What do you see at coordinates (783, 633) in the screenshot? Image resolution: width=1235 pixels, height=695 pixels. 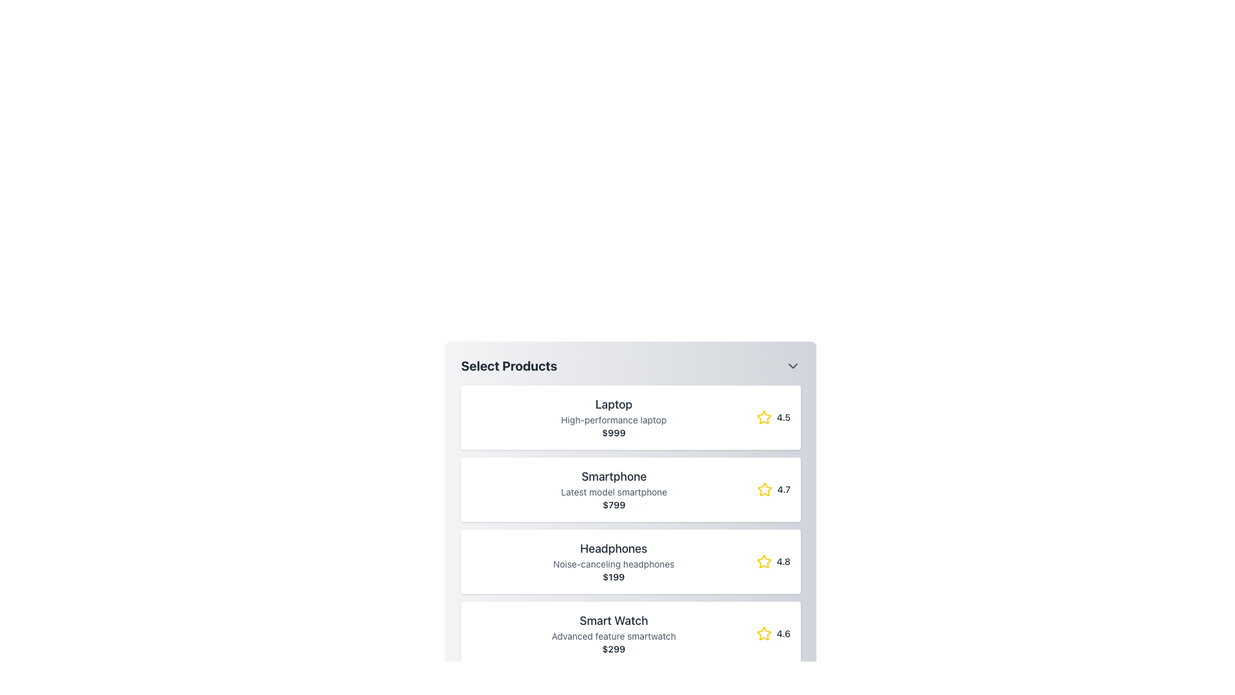 I see `the Text Label displaying the product rating value located in the lower-right corner of the fourth item in a vertical product list, positioned to the immediate right of a yellow star icon` at bounding box center [783, 633].